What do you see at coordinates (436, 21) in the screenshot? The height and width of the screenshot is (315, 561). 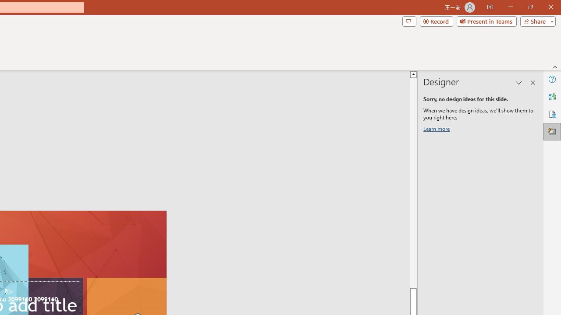 I see `'Record'` at bounding box center [436, 21].